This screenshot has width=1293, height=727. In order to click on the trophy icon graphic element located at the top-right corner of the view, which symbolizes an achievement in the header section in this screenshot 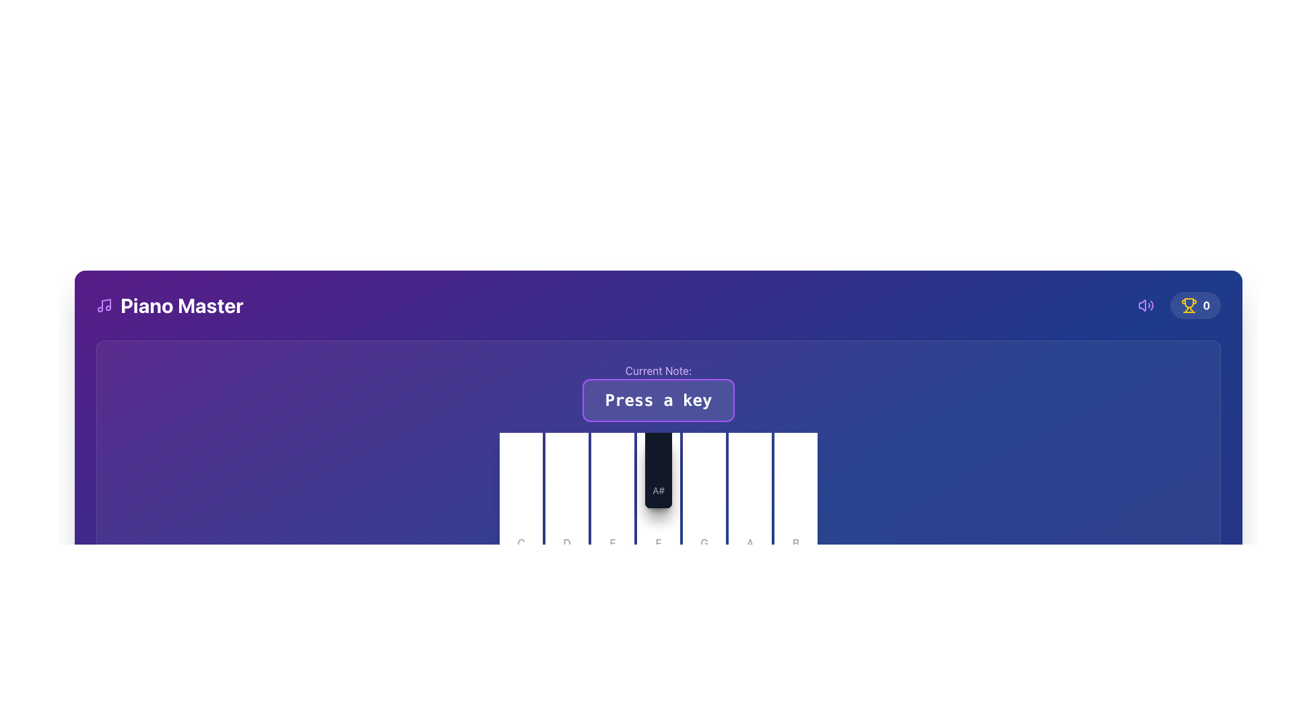, I will do `click(1189, 303)`.